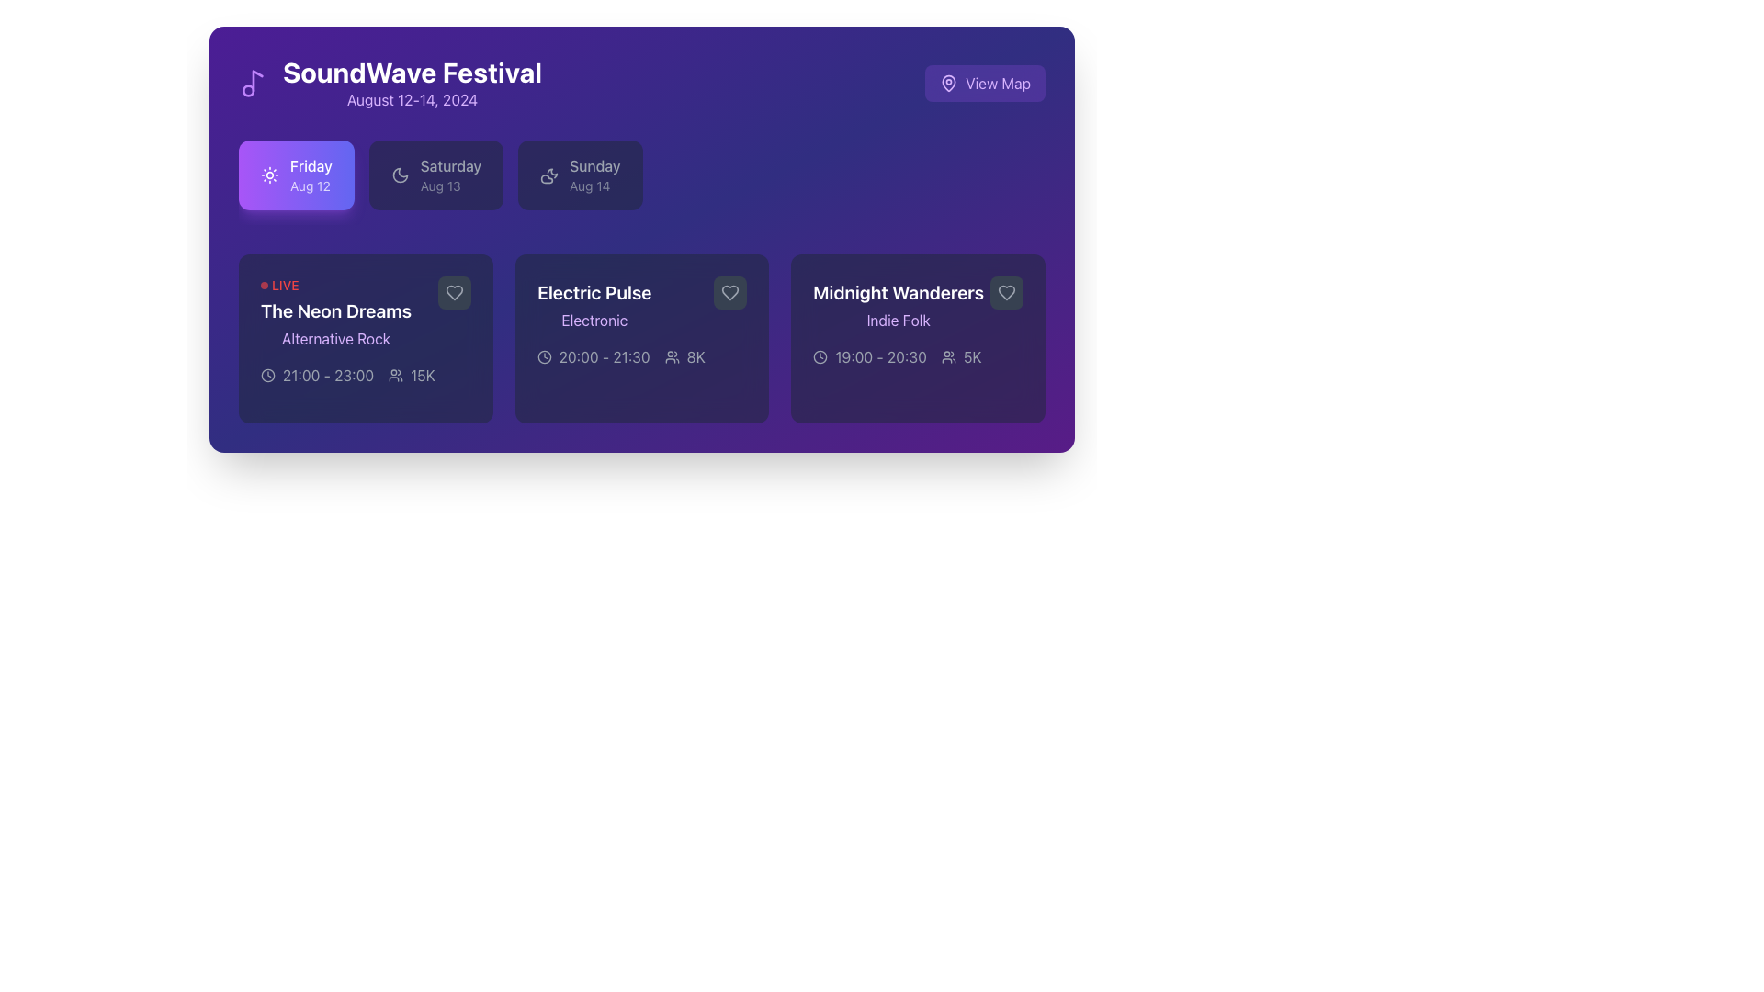 This screenshot has height=992, width=1764. What do you see at coordinates (543, 357) in the screenshot?
I see `the Decorative Icon located within the 'Electric Pulse' card, positioned to the left of the text '20:00 - 21:30'` at bounding box center [543, 357].